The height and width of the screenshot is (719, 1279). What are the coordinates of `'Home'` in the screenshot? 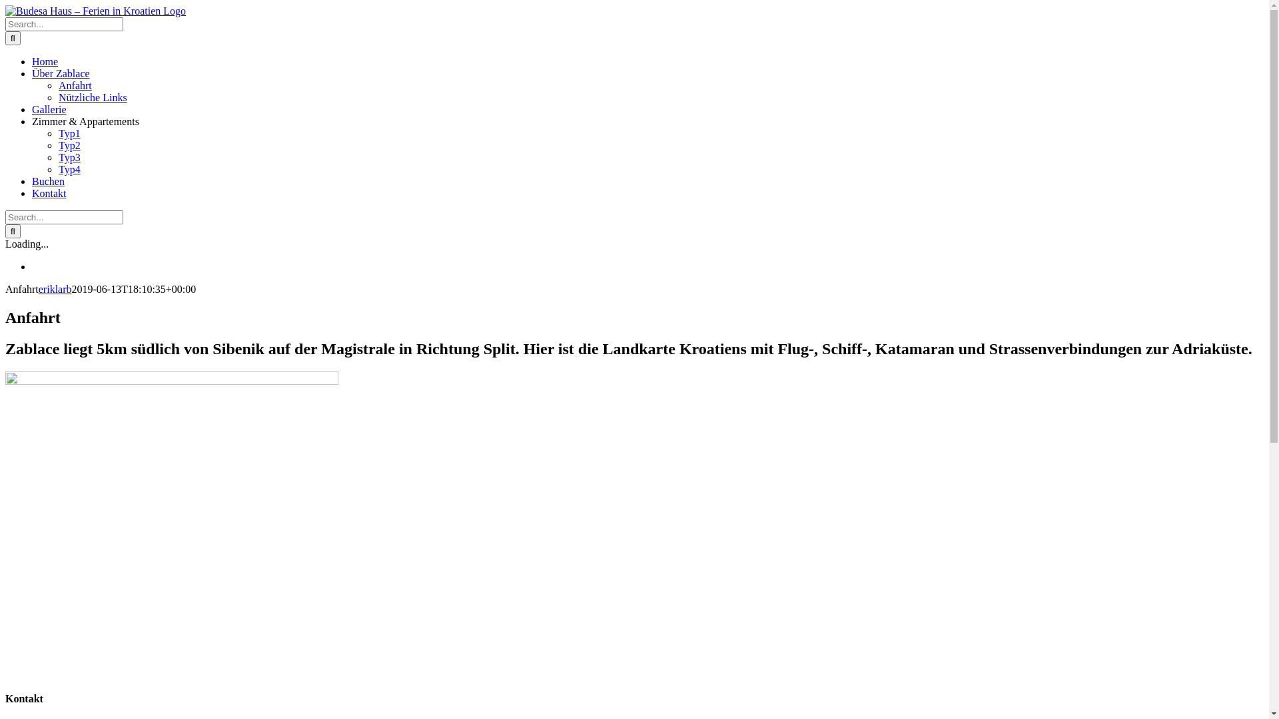 It's located at (45, 61).